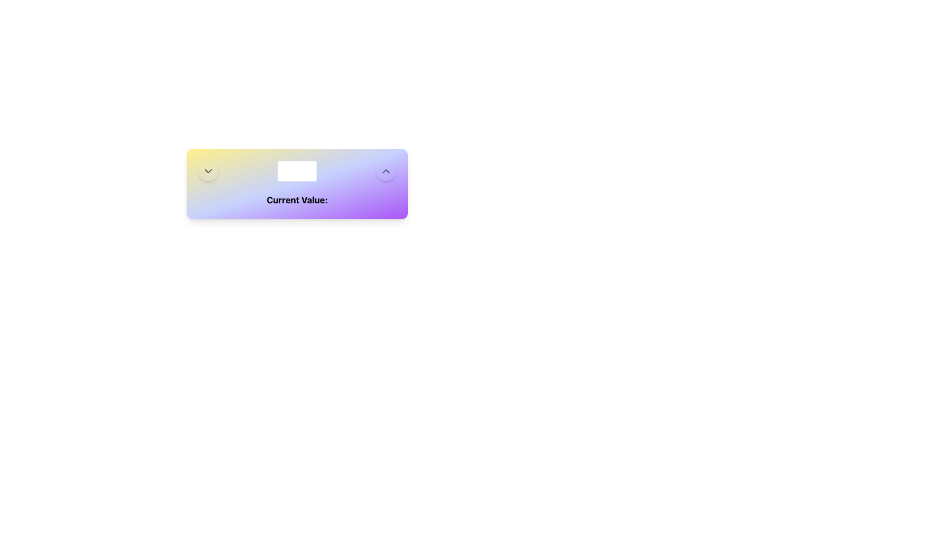 This screenshot has height=533, width=948. Describe the element at coordinates (386, 171) in the screenshot. I see `the chevron icon button at the far-right side of the rectangular box` at that location.